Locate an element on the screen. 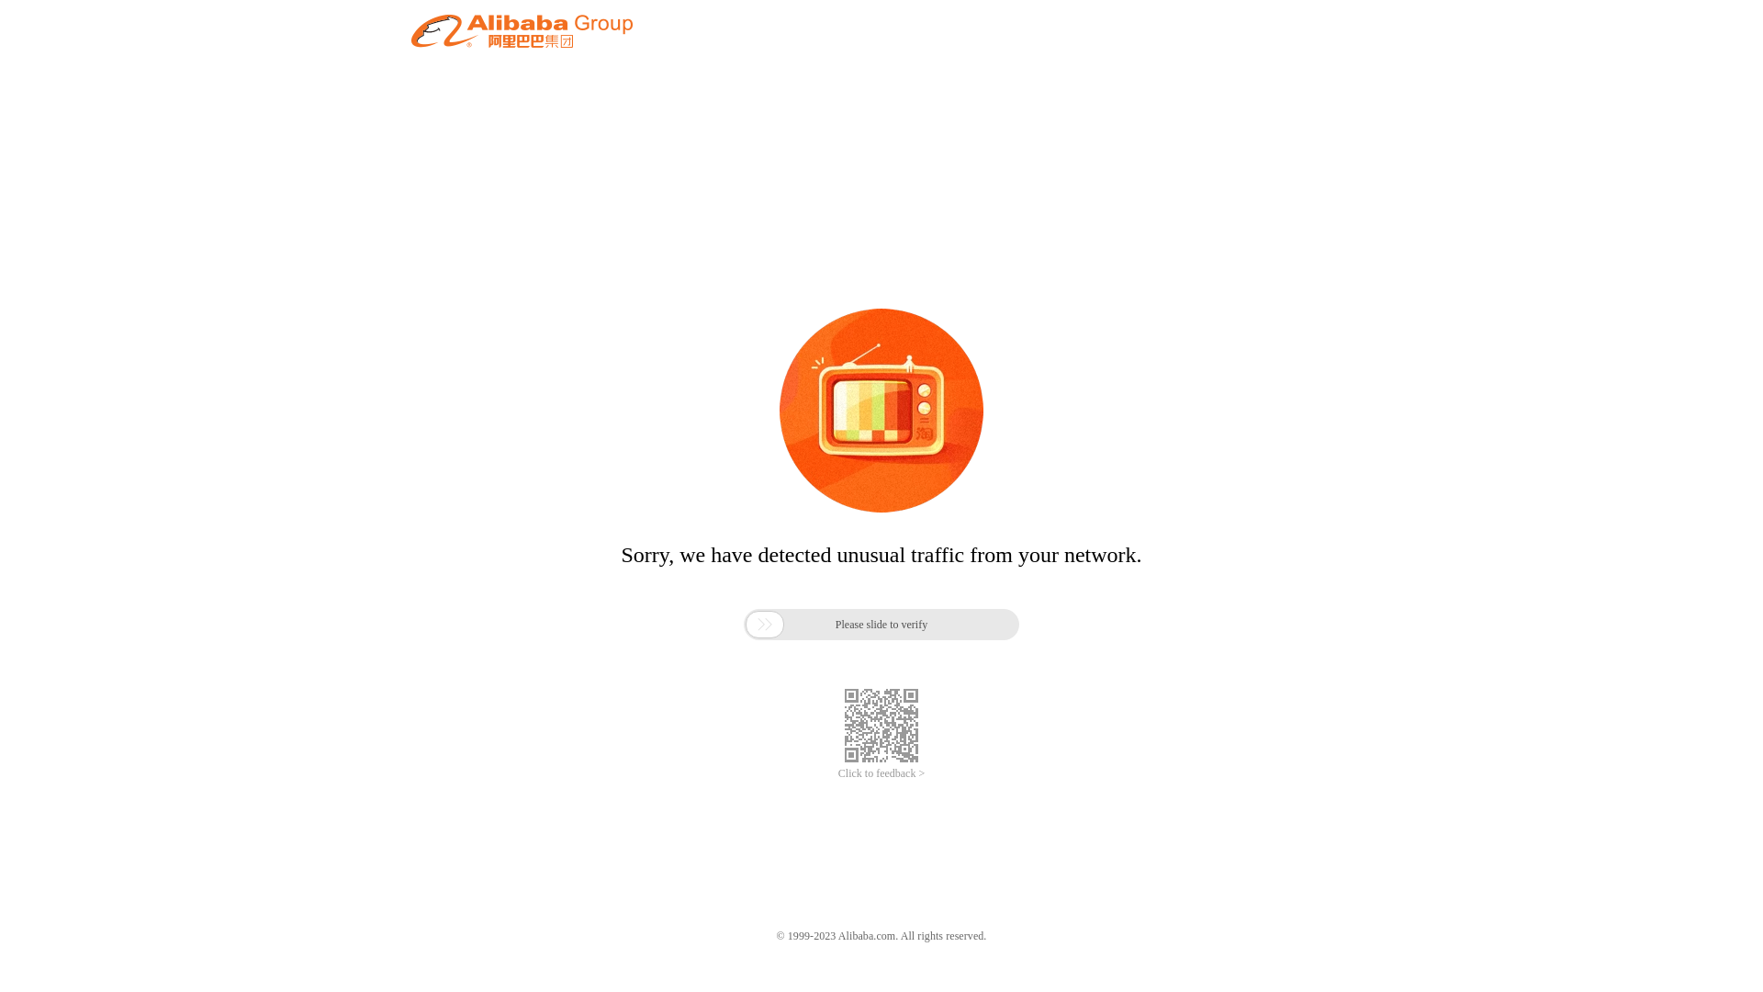  'Click to feedback >' is located at coordinates (881, 773).